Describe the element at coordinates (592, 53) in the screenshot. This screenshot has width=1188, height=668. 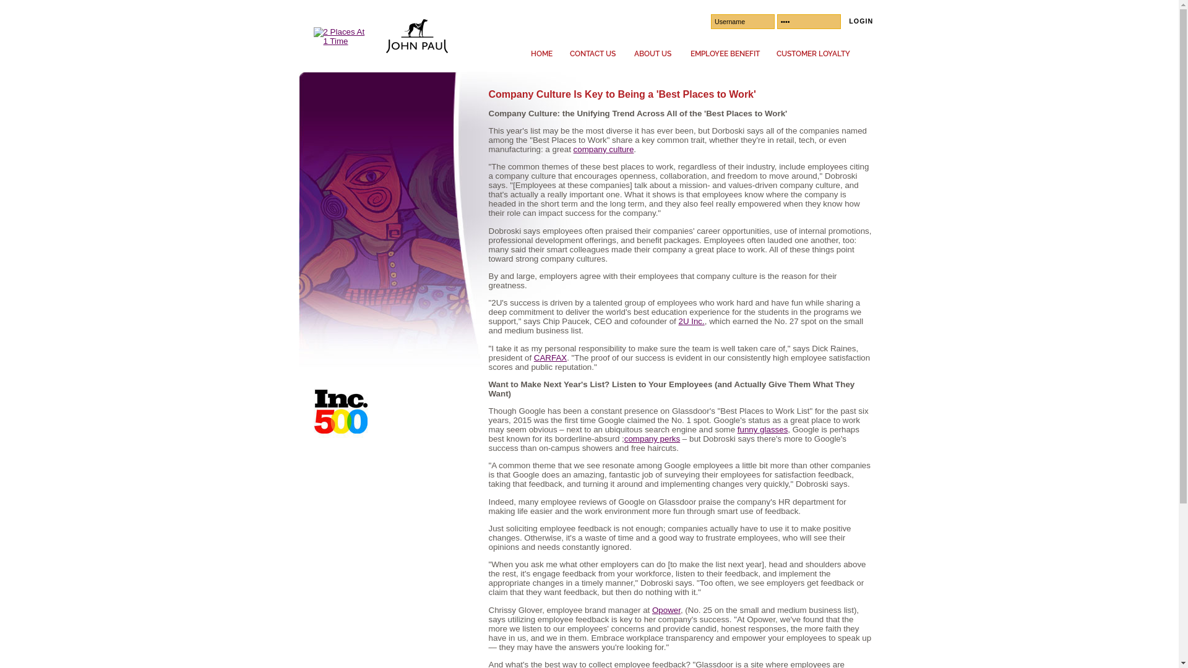
I see `'CONTACT US'` at that location.